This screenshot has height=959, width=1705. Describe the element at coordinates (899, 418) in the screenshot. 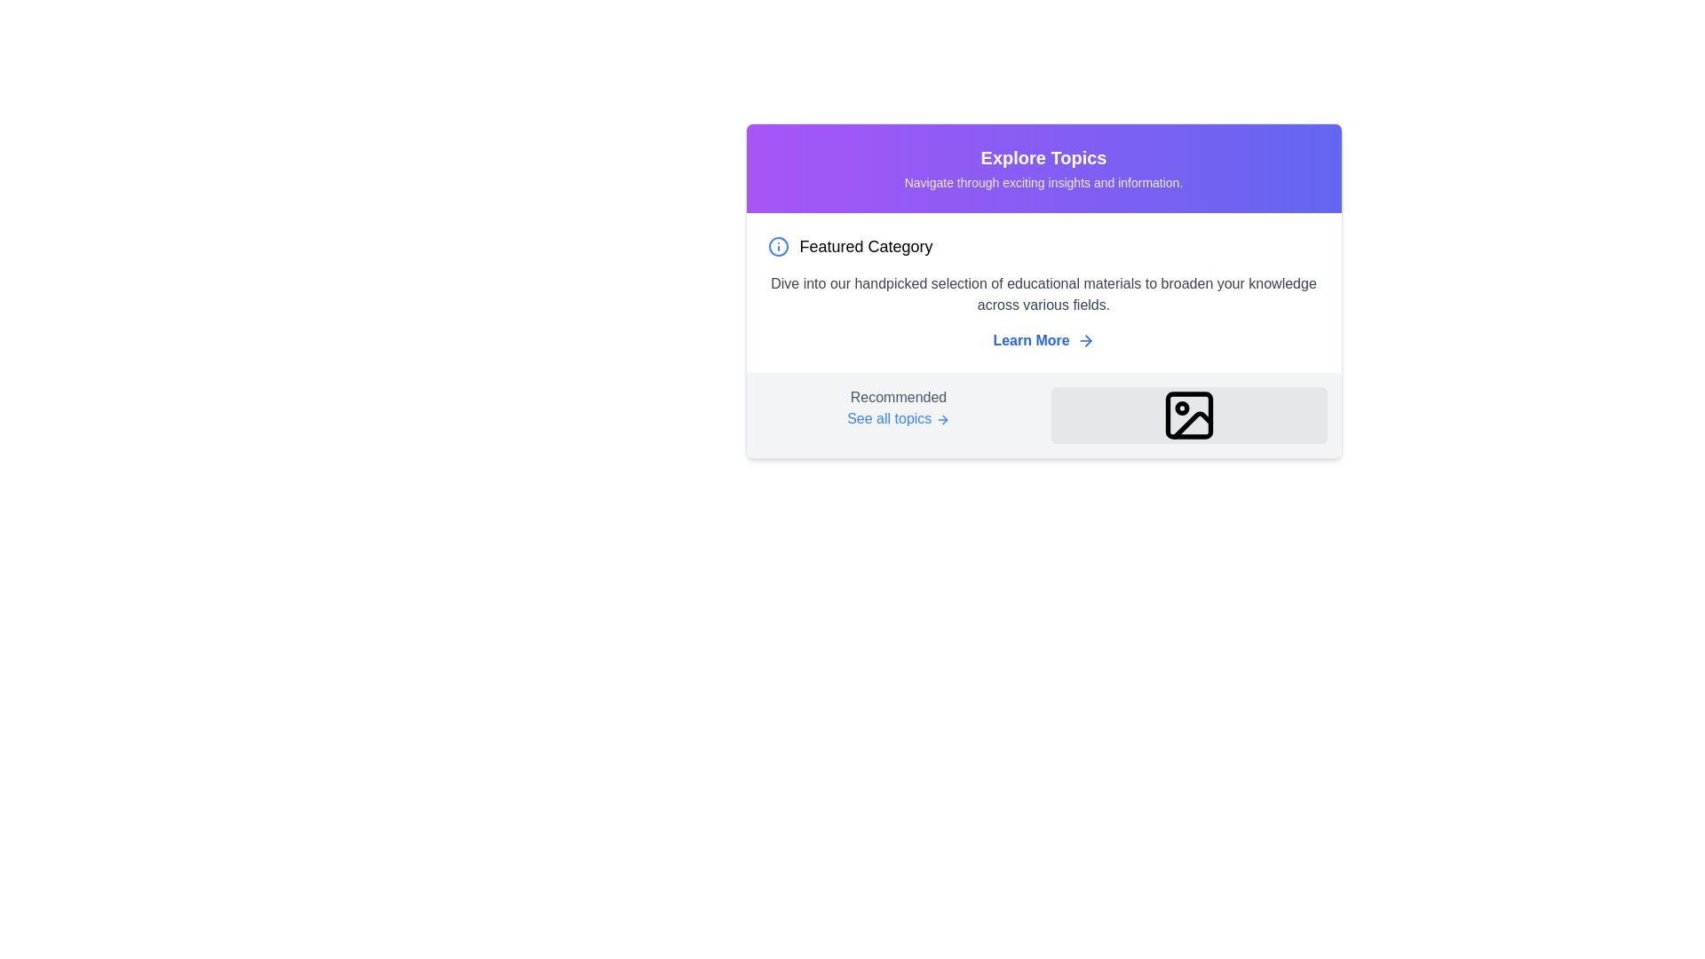

I see `the blue hyperlink text 'See all topics' located in the 'Recommended' section at the bottom left of a card` at that location.